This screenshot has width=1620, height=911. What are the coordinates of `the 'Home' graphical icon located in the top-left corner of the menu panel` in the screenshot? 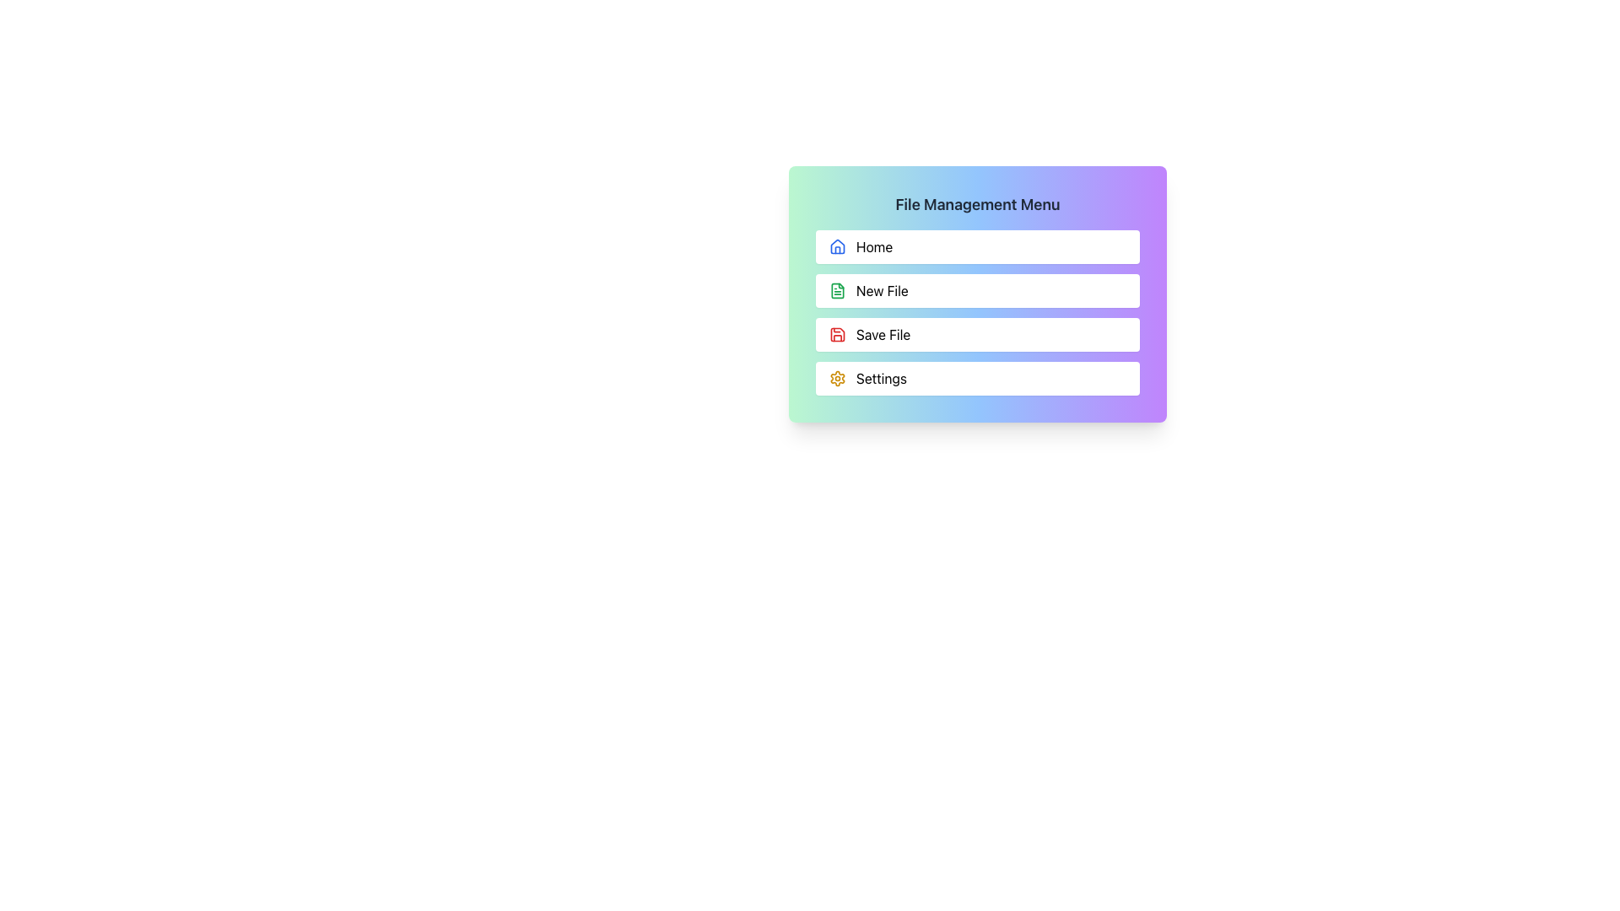 It's located at (838, 246).